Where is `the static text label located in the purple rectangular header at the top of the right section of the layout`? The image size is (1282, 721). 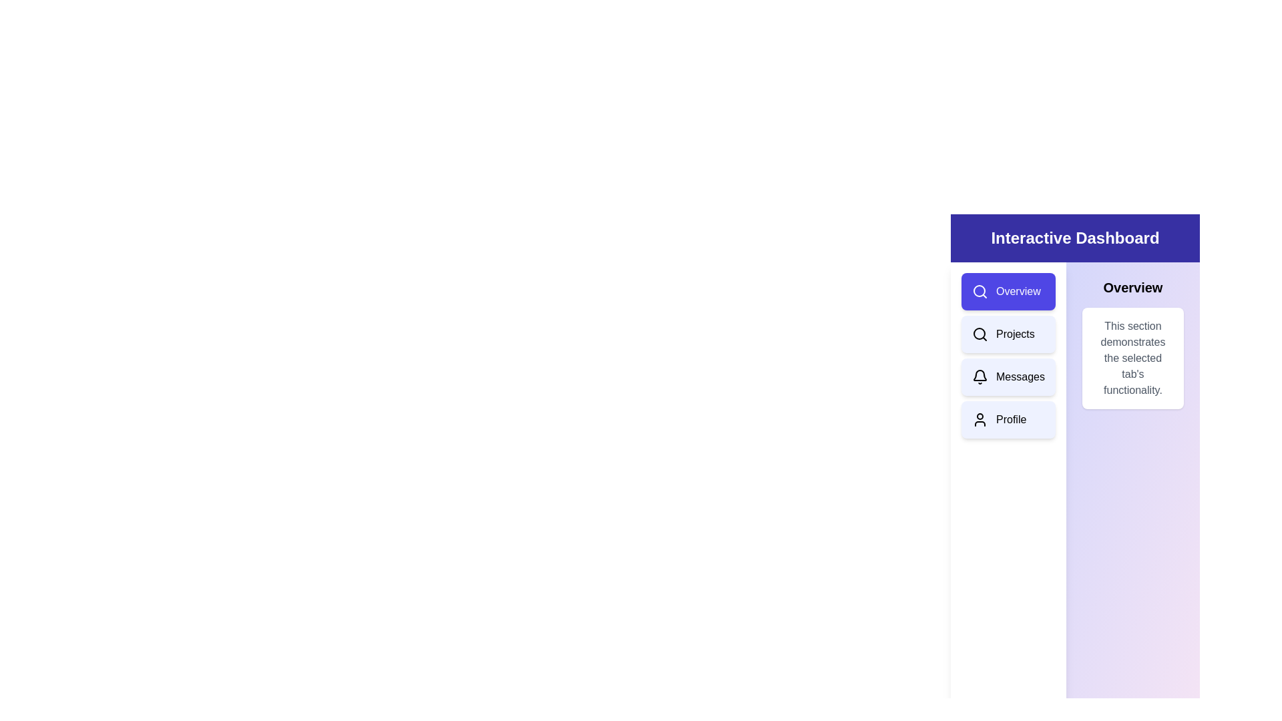
the static text label located in the purple rectangular header at the top of the right section of the layout is located at coordinates (1075, 238).